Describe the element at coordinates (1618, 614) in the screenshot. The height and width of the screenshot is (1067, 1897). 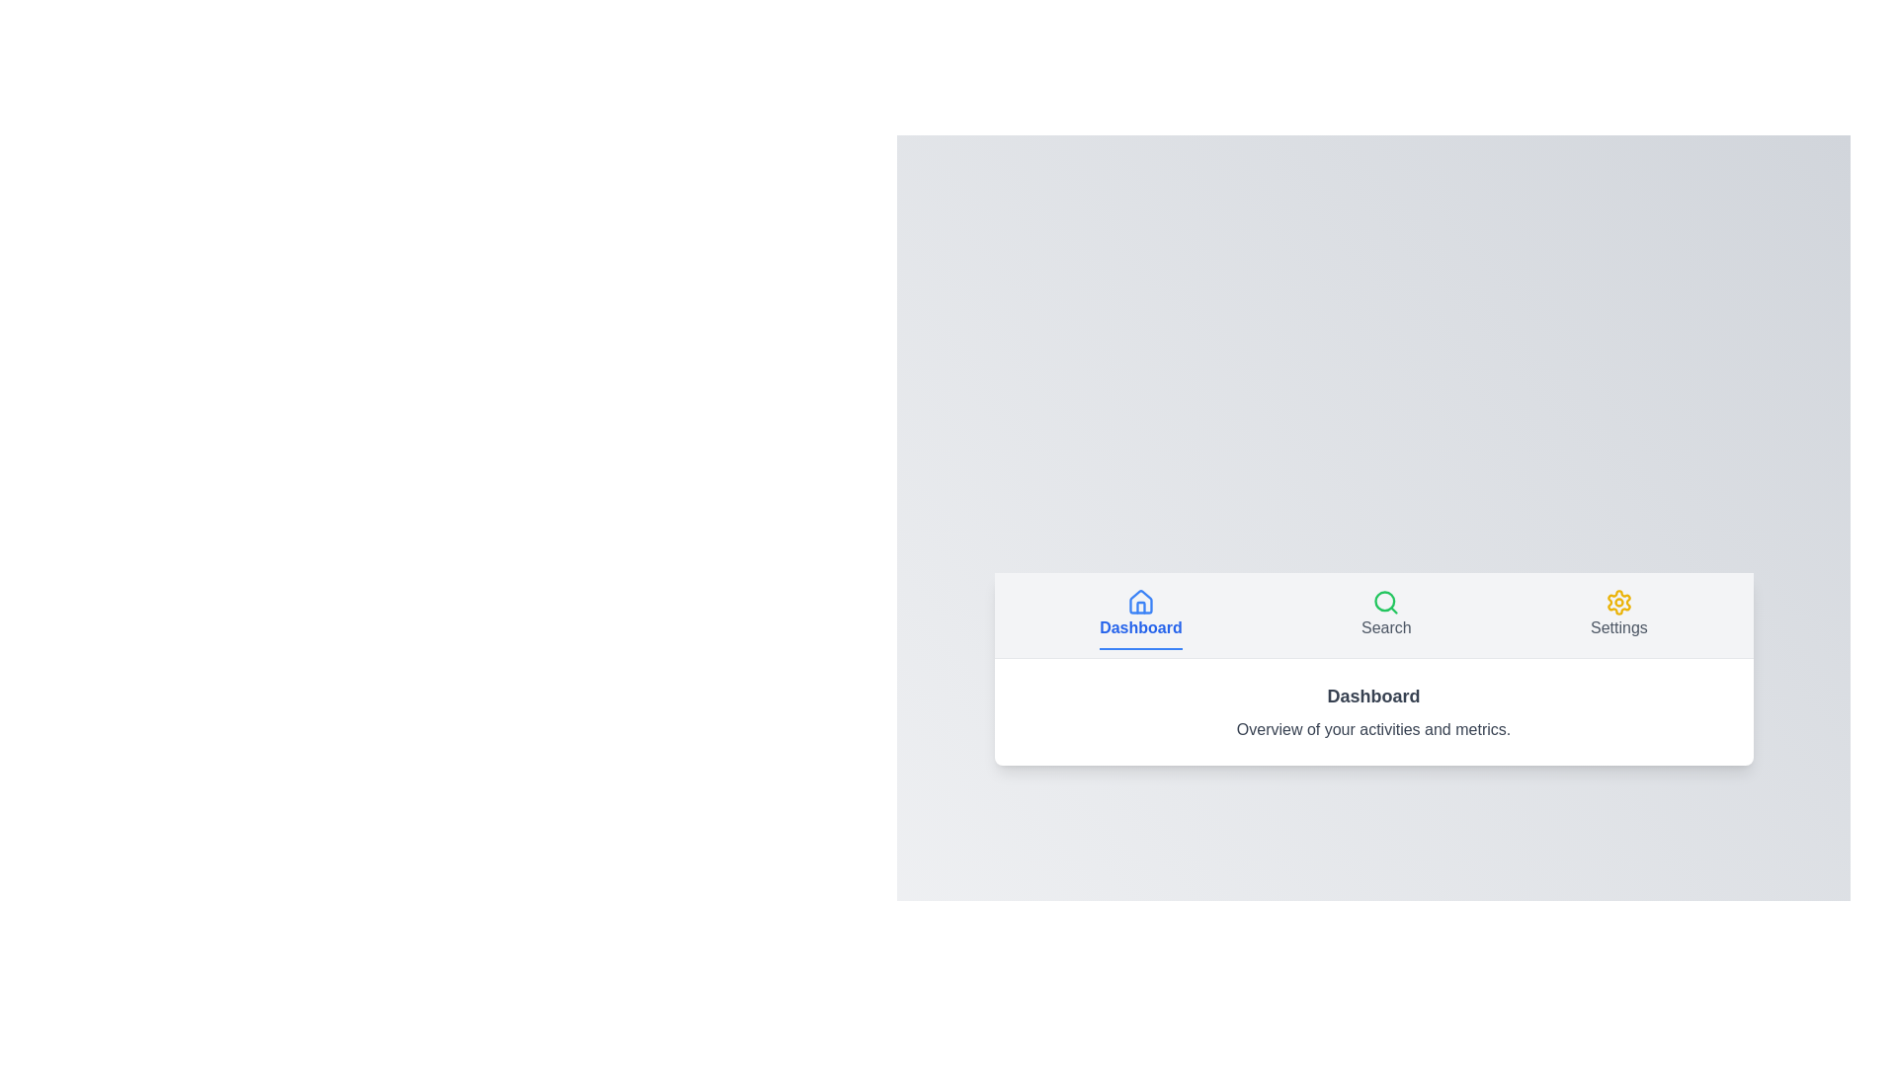
I see `the Settings tab by clicking on its button` at that location.